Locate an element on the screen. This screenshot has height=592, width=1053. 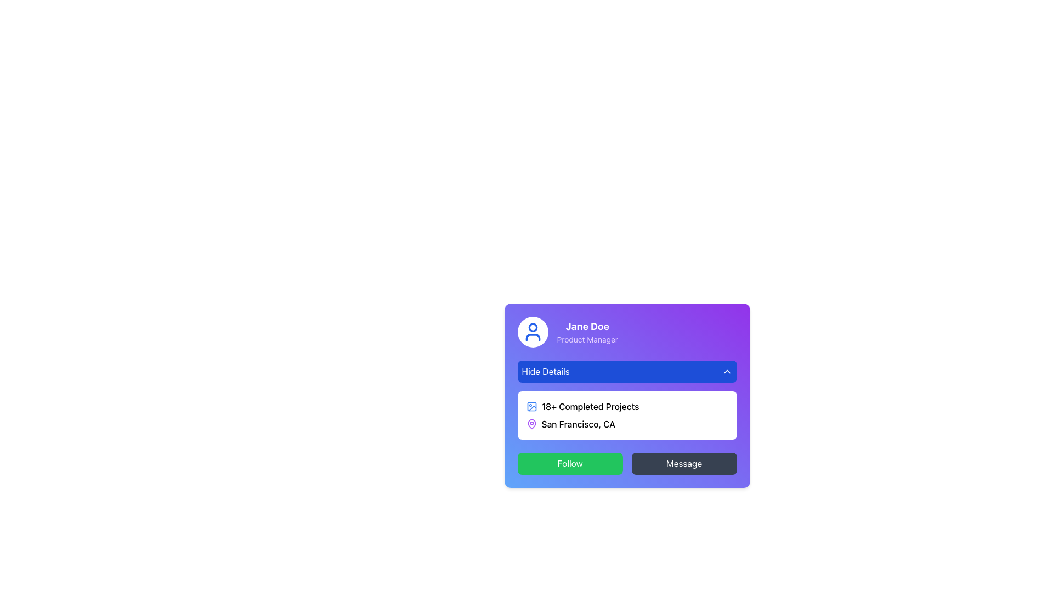
the text with icon that communicates the achievement of completing 18 or more projects, located above the 'San Francisco, CA' text and below the 'Hide Details' section is located at coordinates (627, 406).